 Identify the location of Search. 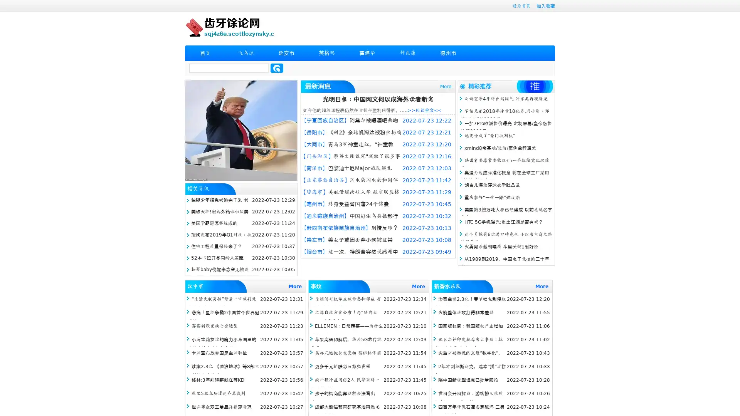
(277, 68).